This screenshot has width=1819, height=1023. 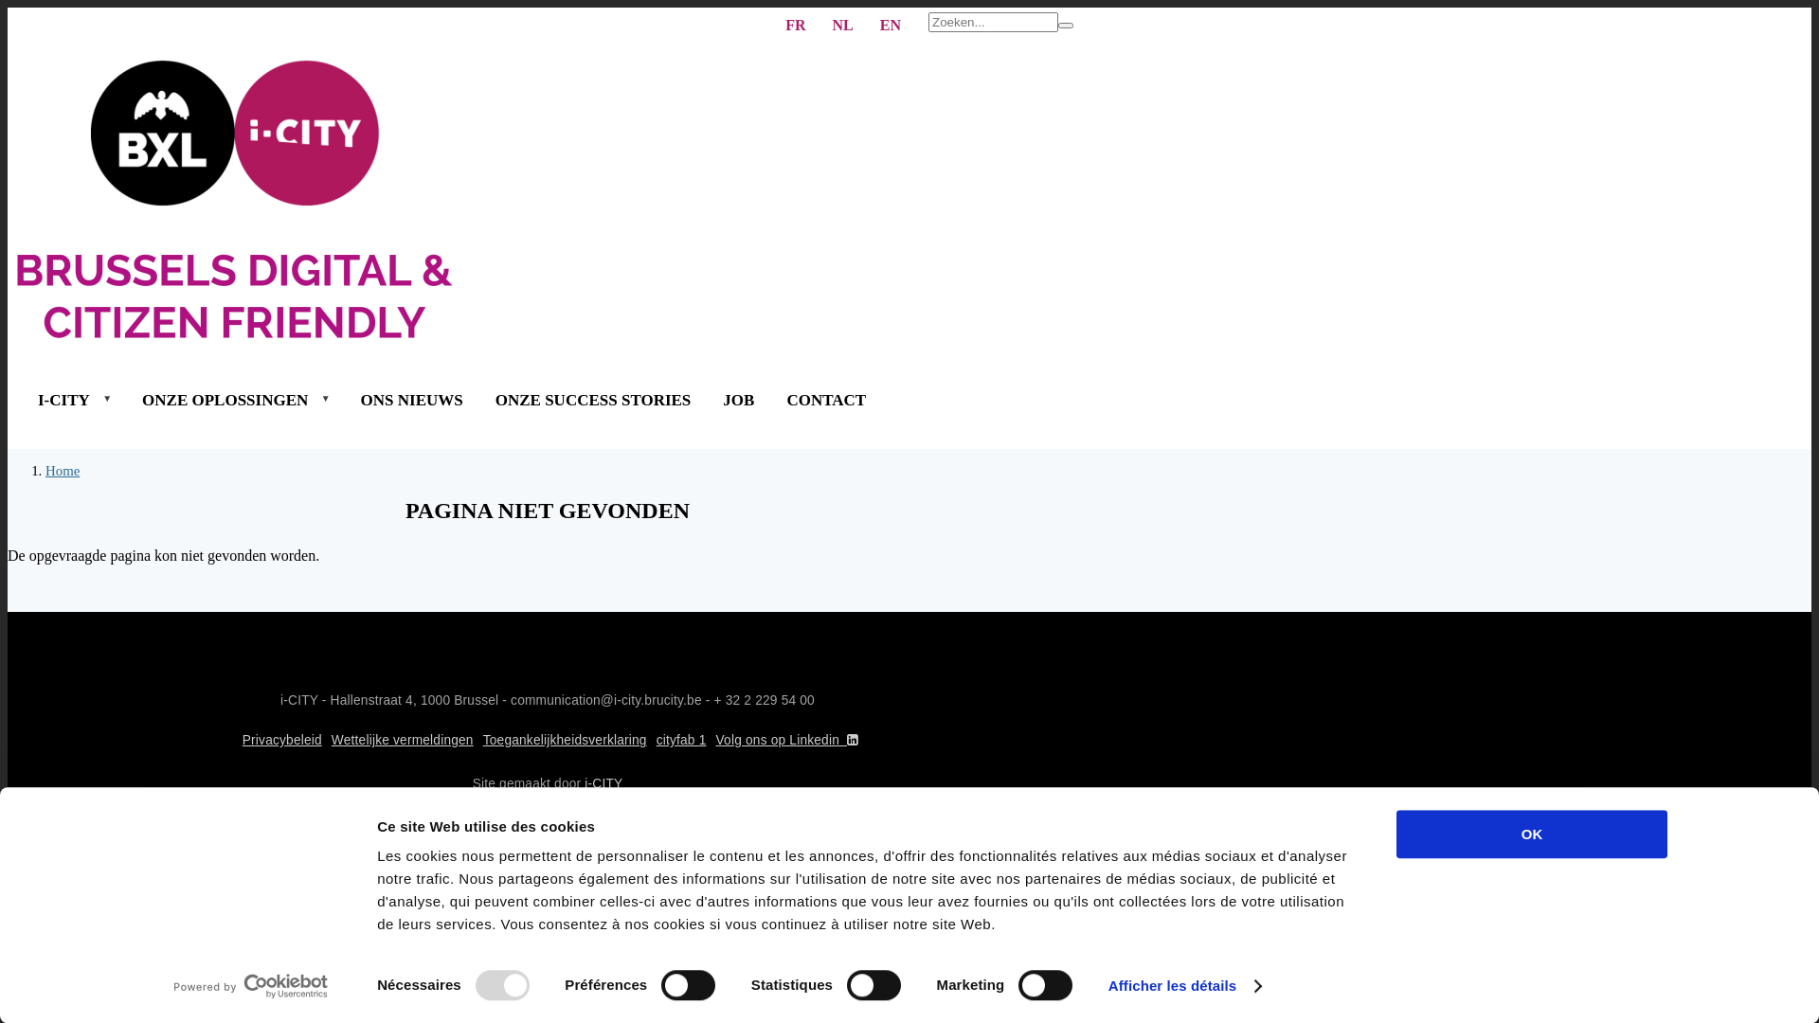 What do you see at coordinates (63, 470) in the screenshot?
I see `'Home'` at bounding box center [63, 470].